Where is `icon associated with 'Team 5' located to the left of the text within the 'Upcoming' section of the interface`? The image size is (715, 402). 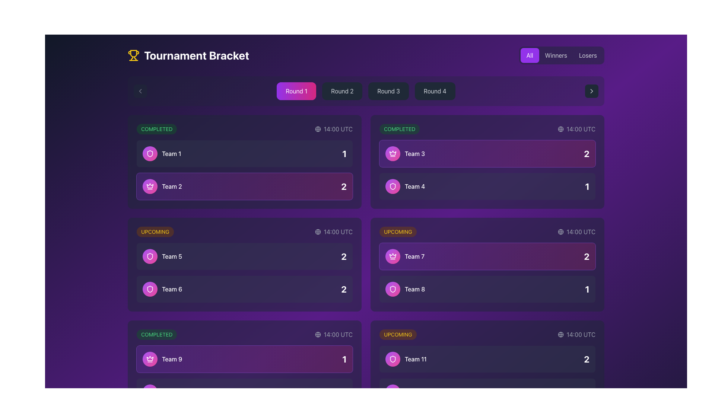 icon associated with 'Team 5' located to the left of the text within the 'Upcoming' section of the interface is located at coordinates (150, 256).